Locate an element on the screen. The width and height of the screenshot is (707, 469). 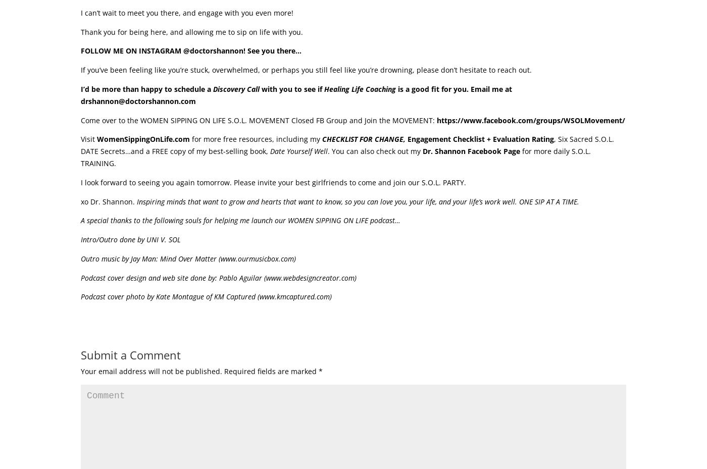
'If you’ve been feeling like you’re stuck, overwhelmed, or perhaps you still feel like you’re drowning, please don’t hesitate to reach out.' is located at coordinates (81, 70).